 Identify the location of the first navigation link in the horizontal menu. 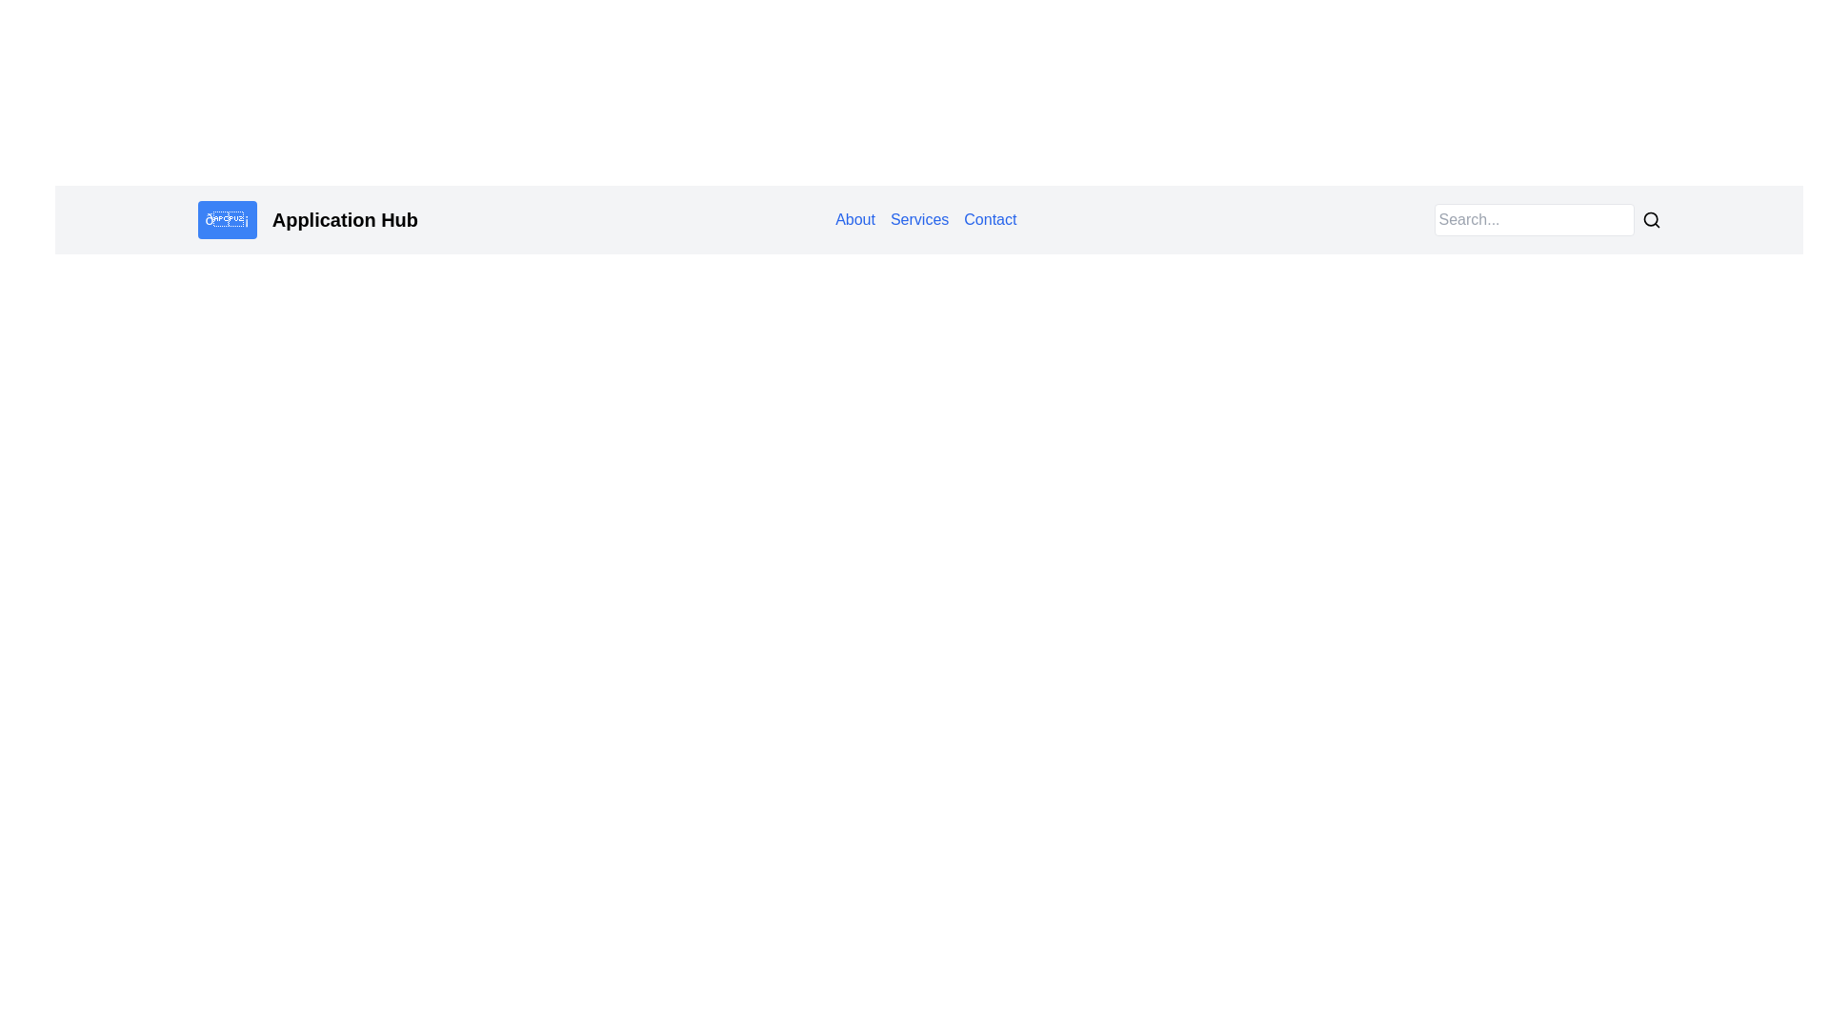
(854, 219).